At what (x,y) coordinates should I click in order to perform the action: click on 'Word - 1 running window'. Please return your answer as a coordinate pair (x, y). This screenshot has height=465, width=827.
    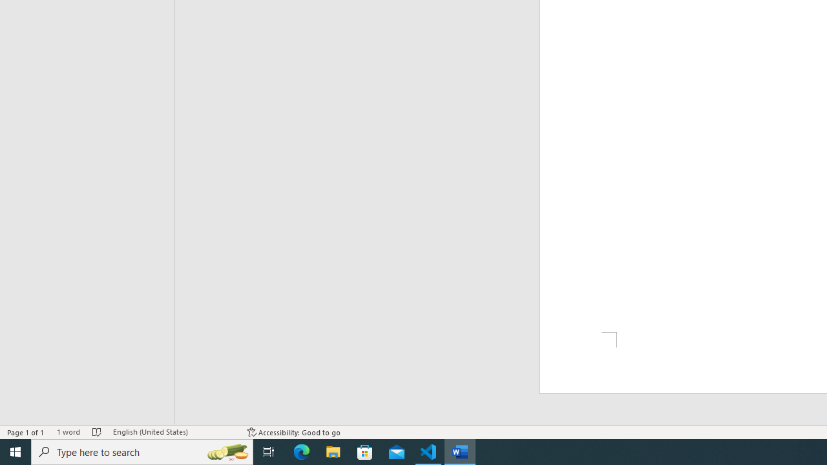
    Looking at the image, I should click on (460, 451).